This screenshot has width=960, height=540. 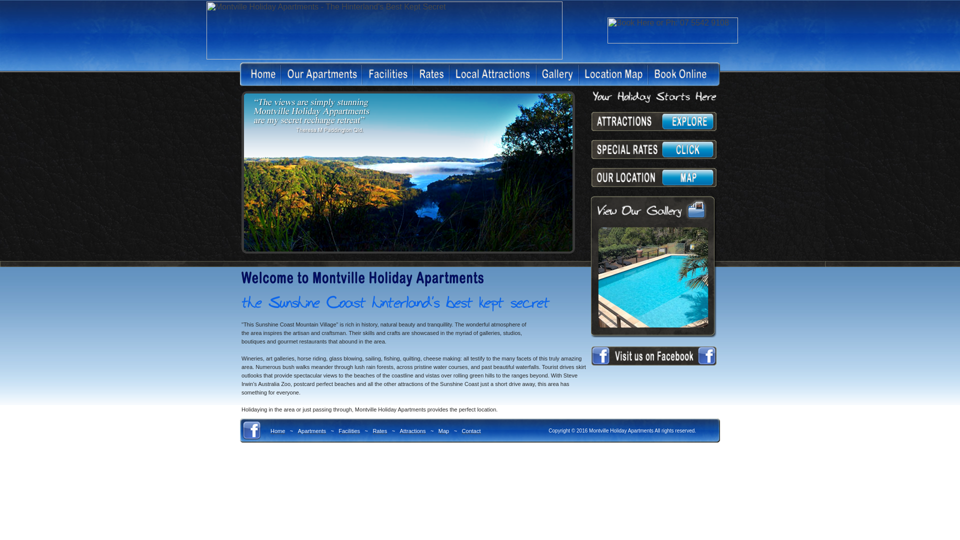 I want to click on 'Map', so click(x=443, y=429).